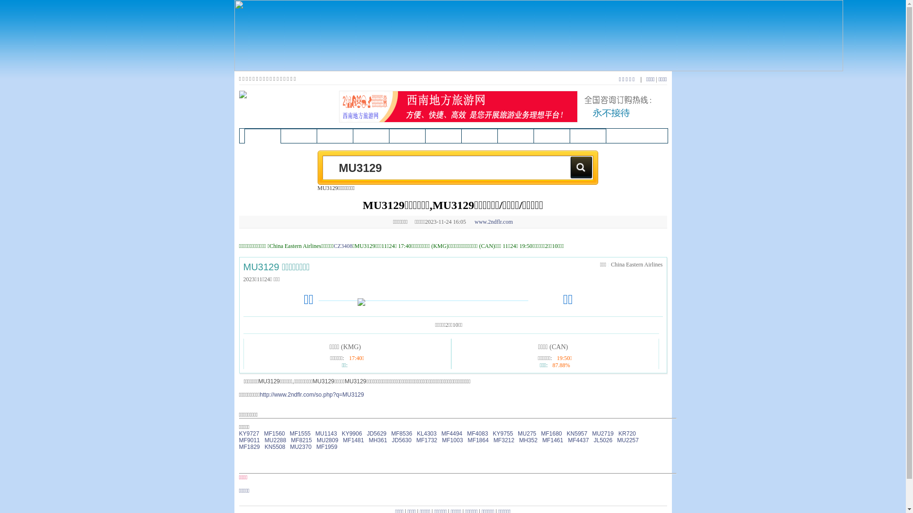 Image resolution: width=913 pixels, height=513 pixels. What do you see at coordinates (317, 440) in the screenshot?
I see `'MU2809'` at bounding box center [317, 440].